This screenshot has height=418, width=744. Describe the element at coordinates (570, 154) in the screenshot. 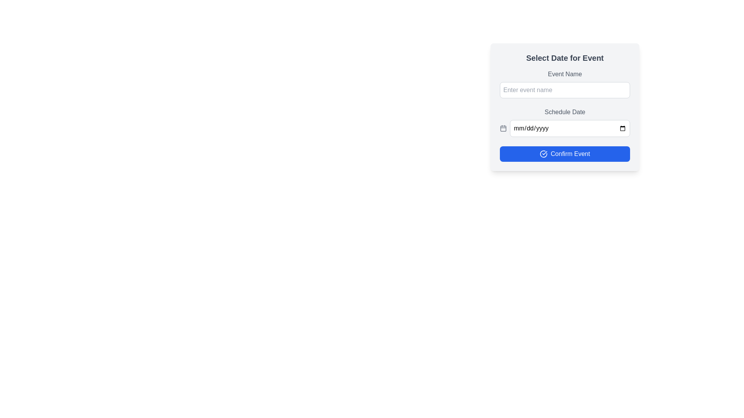

I see `the 'Confirm Event' text button` at that location.